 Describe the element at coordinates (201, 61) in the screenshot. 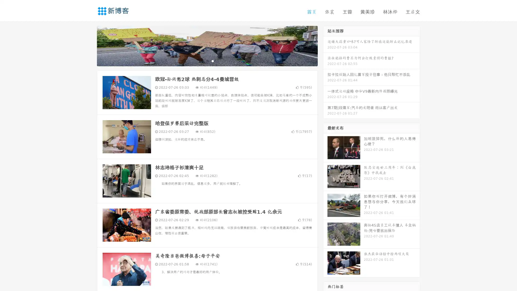

I see `Go to slide 1` at that location.